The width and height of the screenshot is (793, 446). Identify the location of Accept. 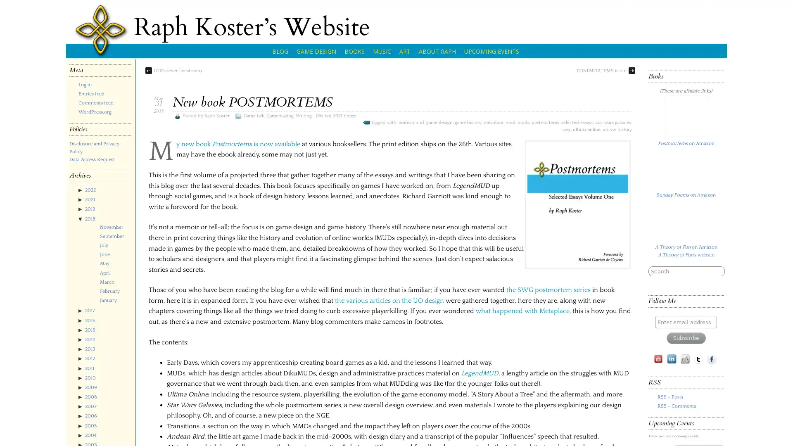
(769, 431).